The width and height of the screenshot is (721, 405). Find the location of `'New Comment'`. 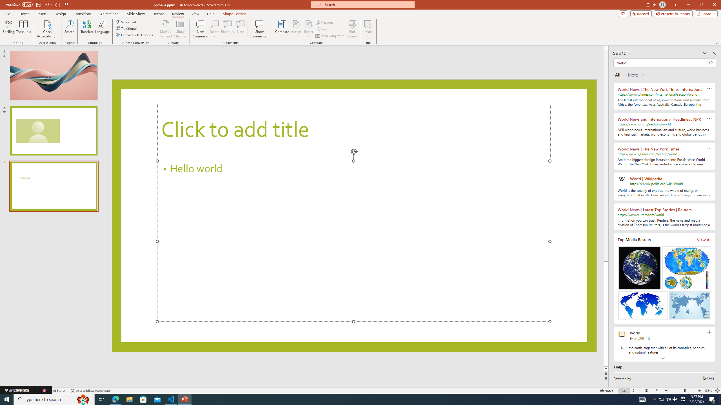

'New Comment' is located at coordinates (200, 29).